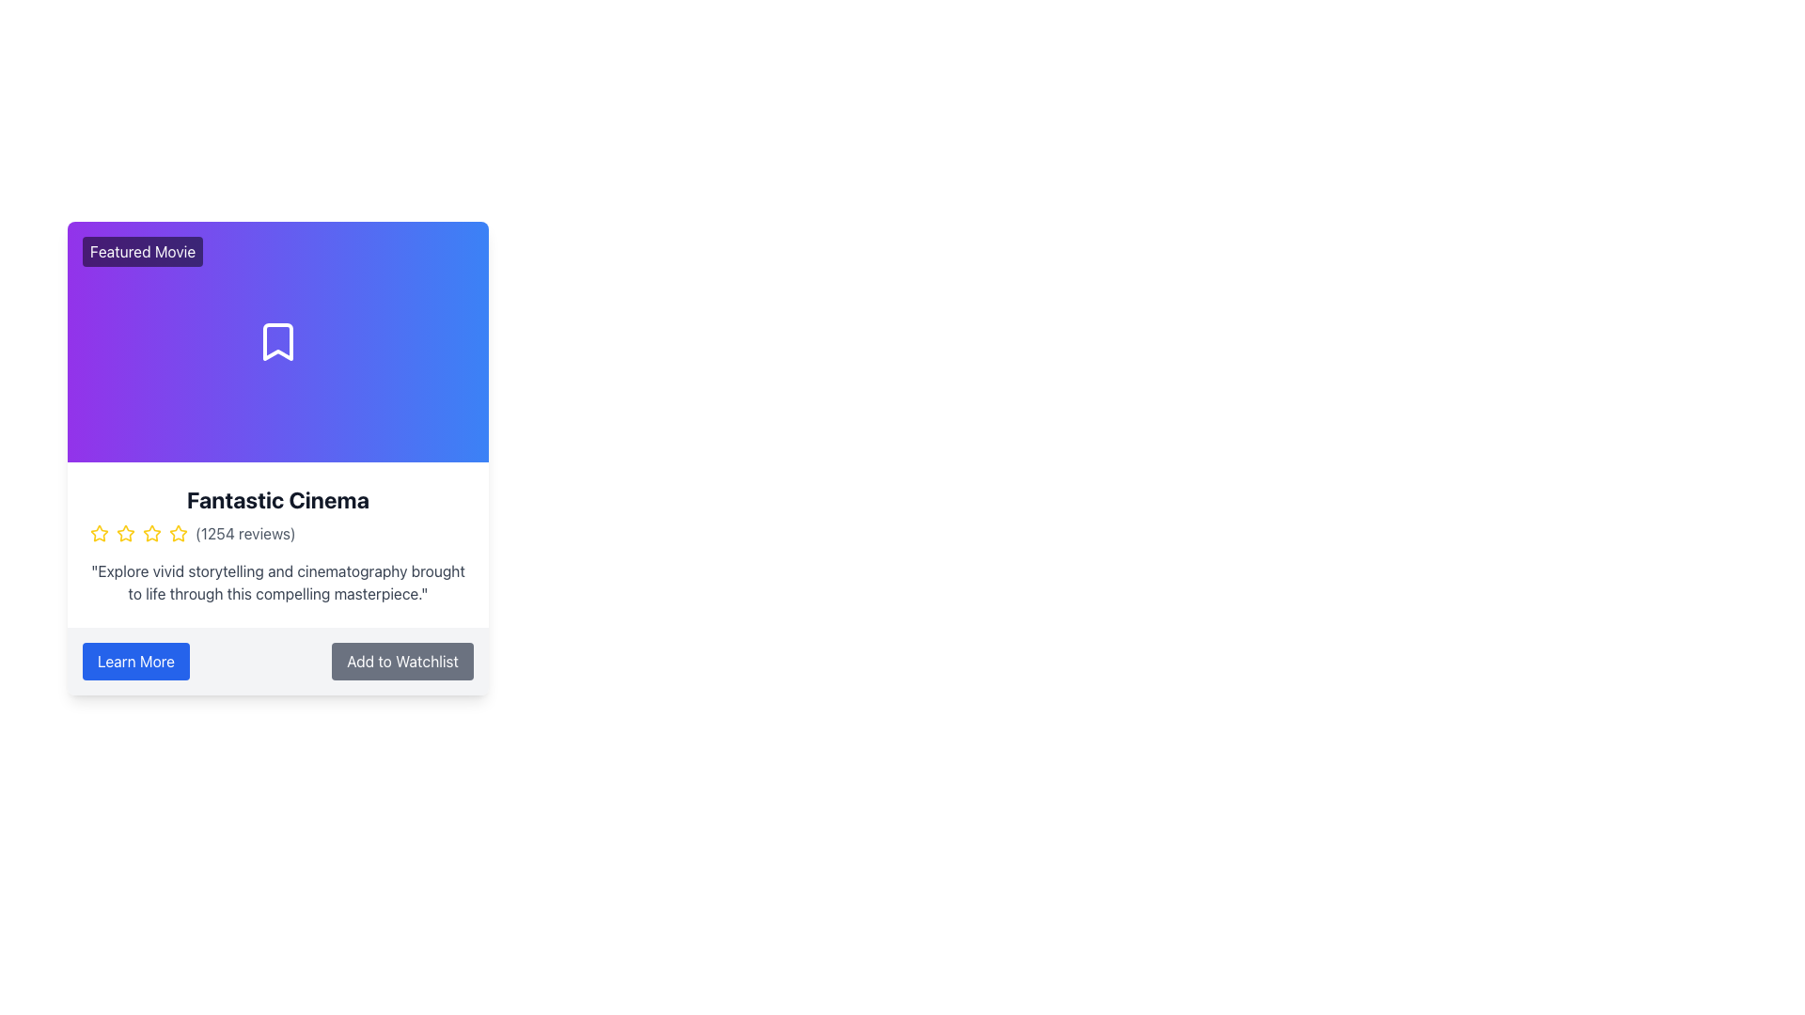 Image resolution: width=1805 pixels, height=1015 pixels. I want to click on the descriptive text element that reads 'Explore vivid storytelling and cinematography brought to life through this compelling masterpiece.', which is located beneath the title 'Fantastic Cinema' and the 5-star rating system, so click(277, 582).